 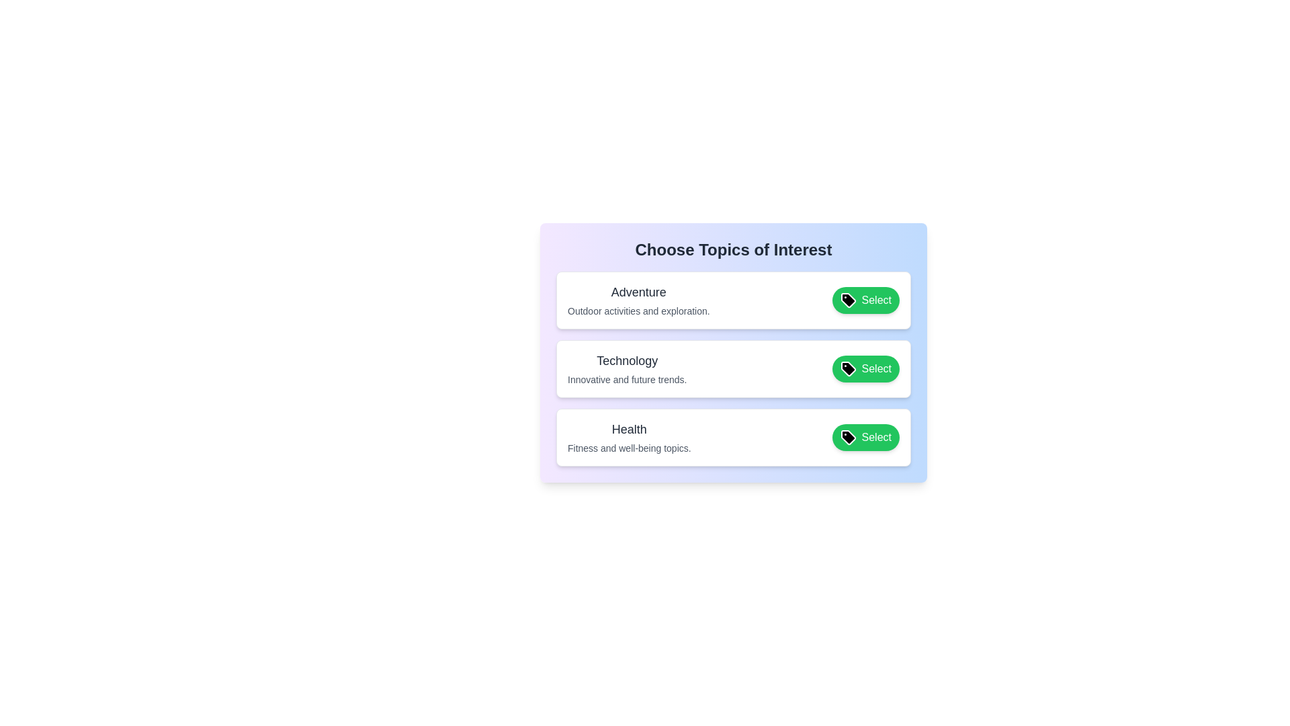 What do you see at coordinates (628, 430) in the screenshot?
I see `the tag label text for Health` at bounding box center [628, 430].